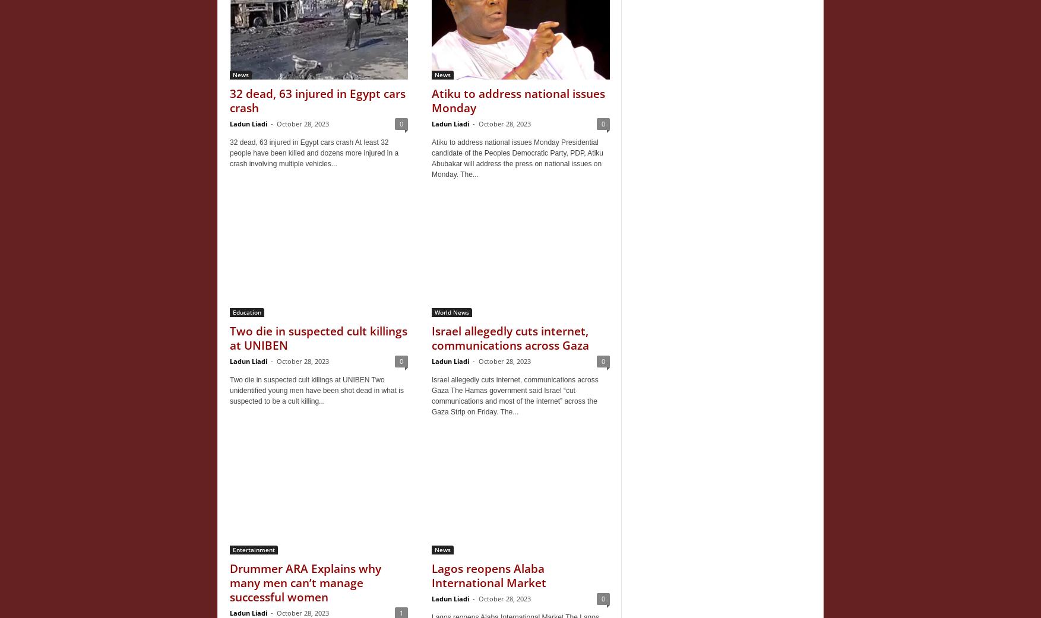 Image resolution: width=1041 pixels, height=618 pixels. I want to click on 'Atiku to address national issues Monday


Presidential candidate of the Peoples Democratic Party, PDP, Atiku Abubakar will address the press on national issues on Monday.

The...', so click(517, 158).